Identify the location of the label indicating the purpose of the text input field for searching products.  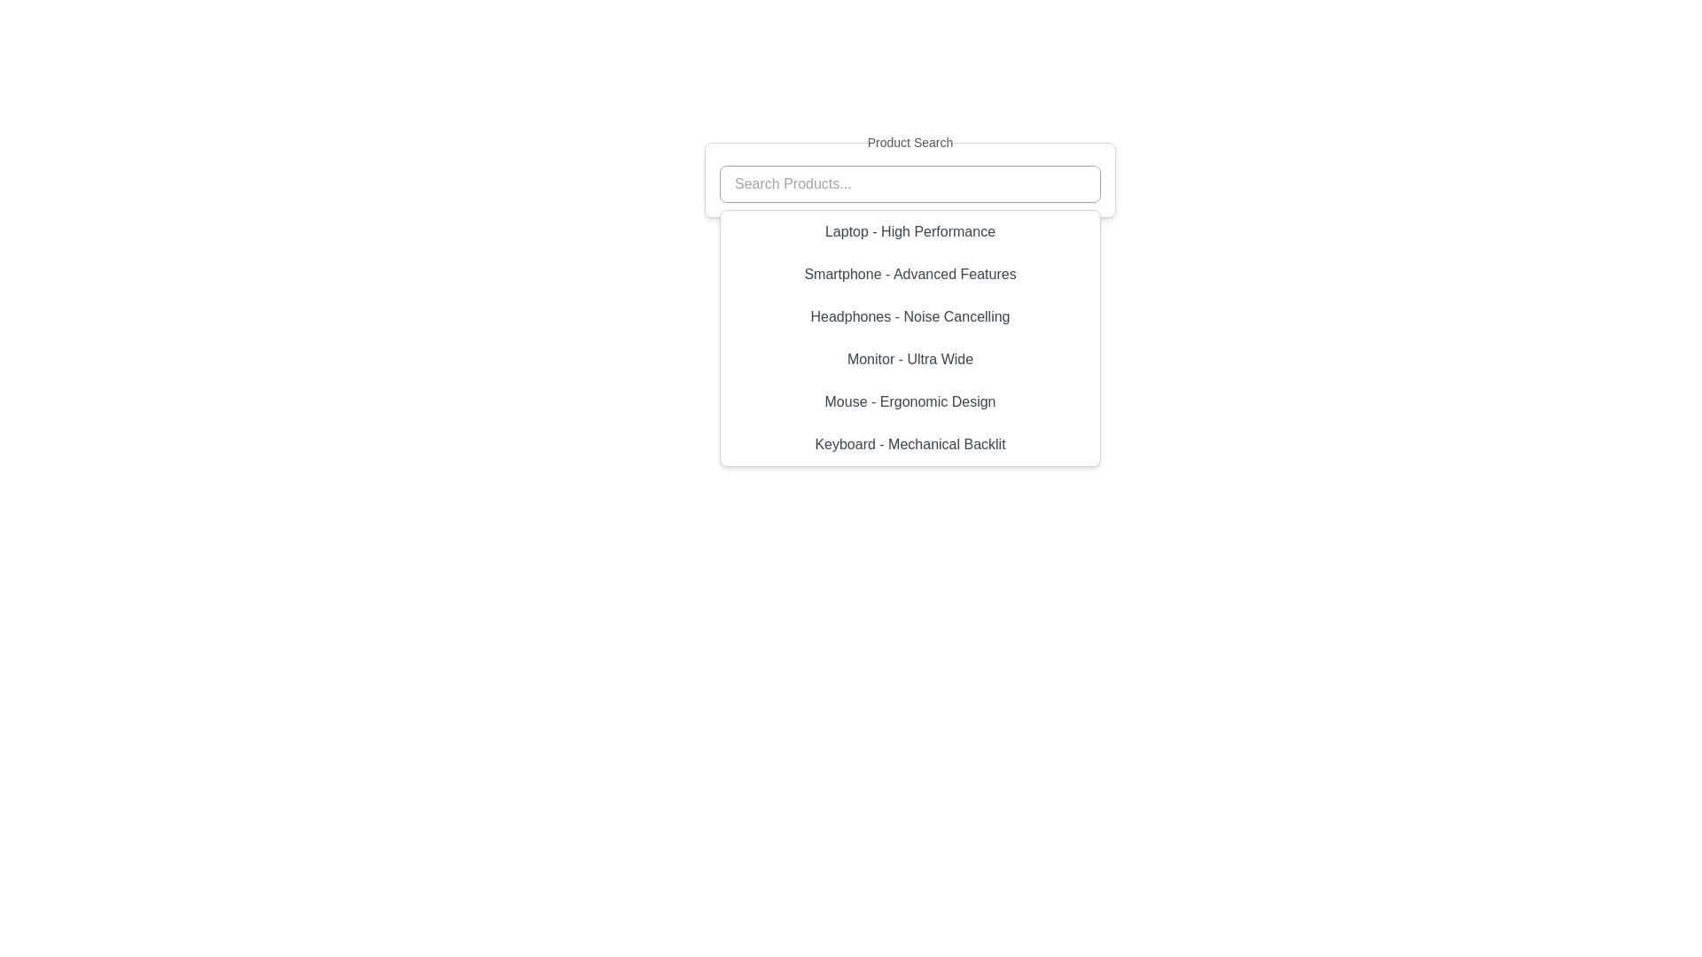
(910, 142).